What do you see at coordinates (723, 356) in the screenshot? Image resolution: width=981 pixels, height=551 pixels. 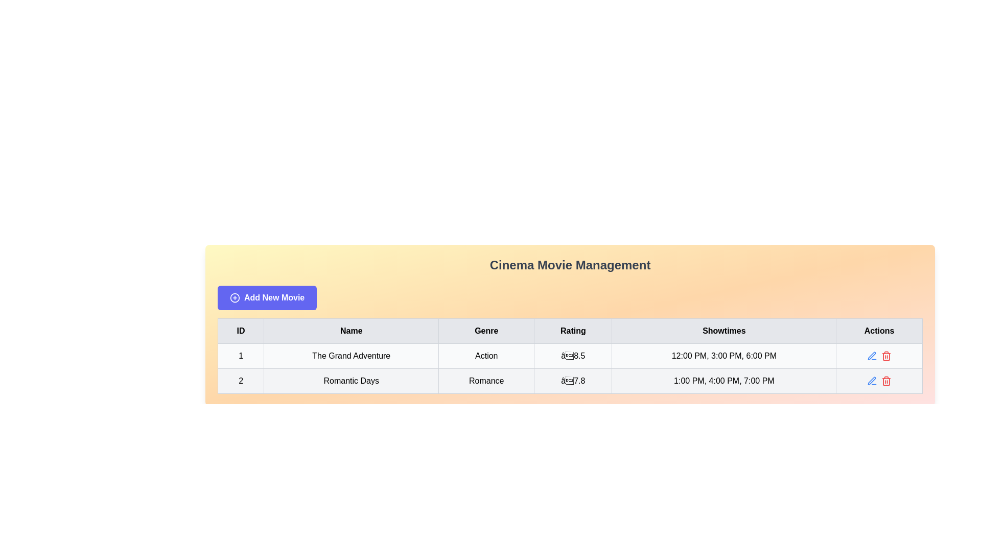 I see `the Text Display showing scheduled showtimes for the movie 'The Grand Adventure', located in the 'Showtimes' column of the table` at bounding box center [723, 356].